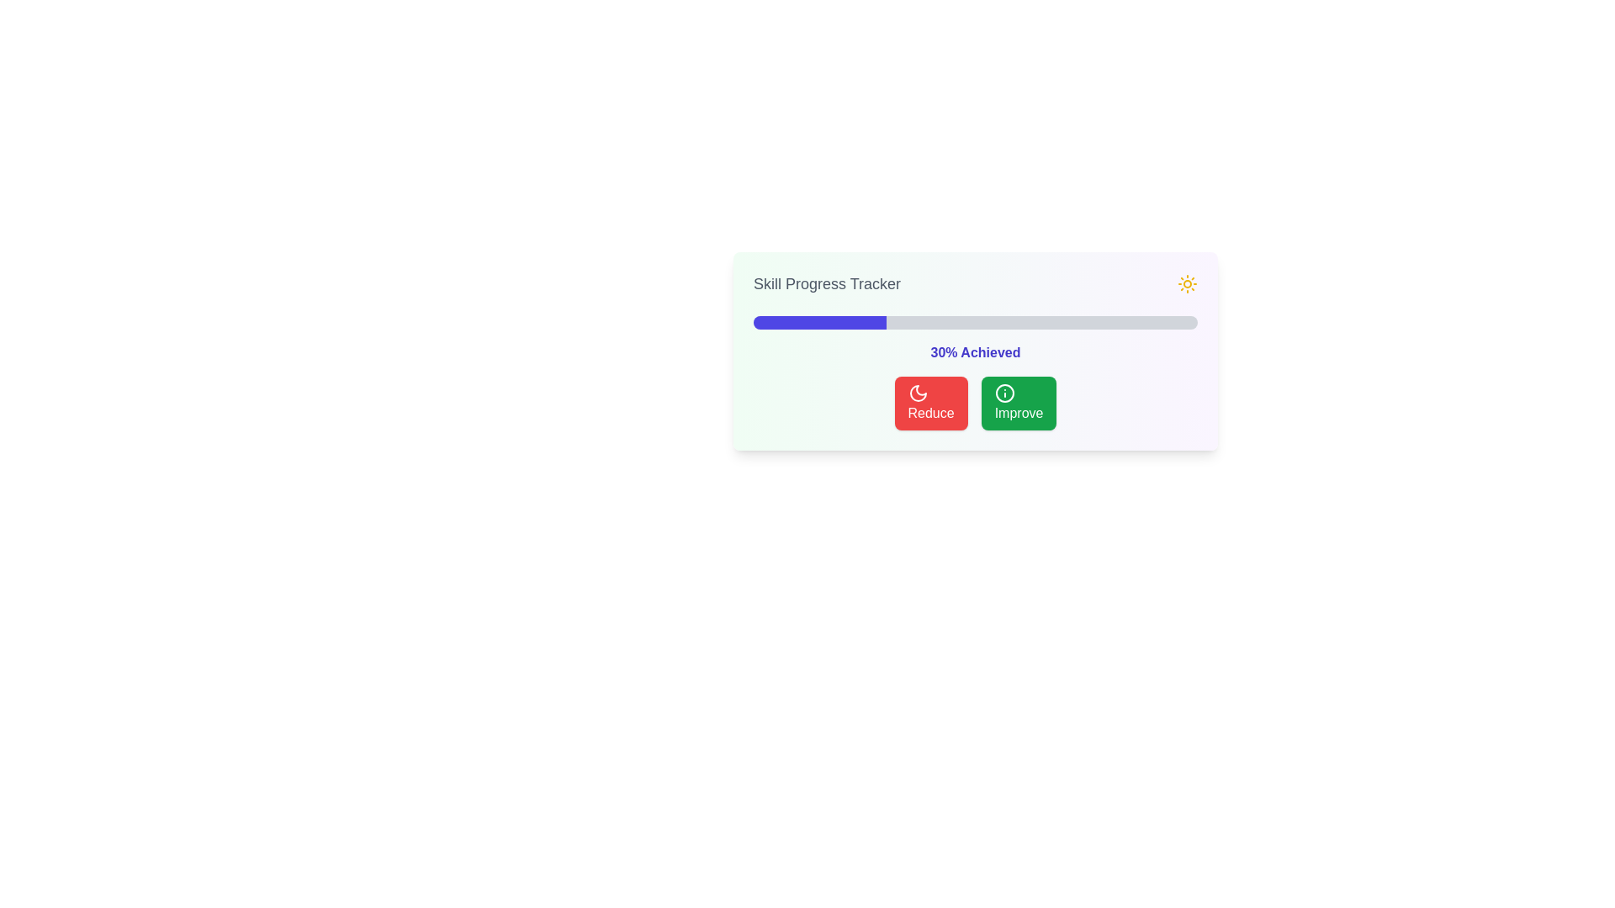 This screenshot has height=908, width=1615. I want to click on the icon associated with the 'Improve' button, which is located to the left of the 'Improve' label within a green button, so click(1004, 393).